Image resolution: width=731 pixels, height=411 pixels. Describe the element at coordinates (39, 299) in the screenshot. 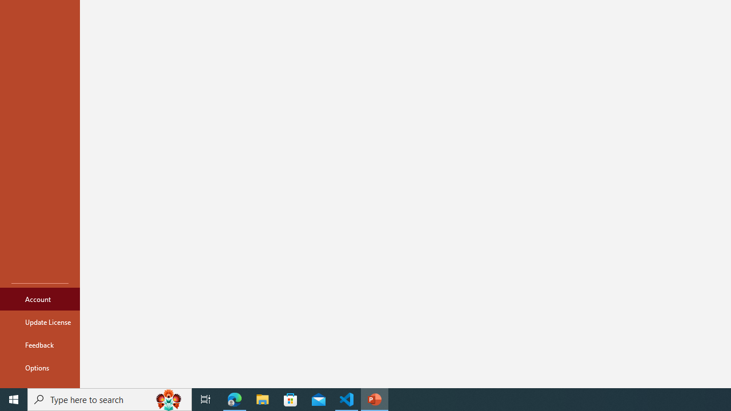

I see `'Account'` at that location.